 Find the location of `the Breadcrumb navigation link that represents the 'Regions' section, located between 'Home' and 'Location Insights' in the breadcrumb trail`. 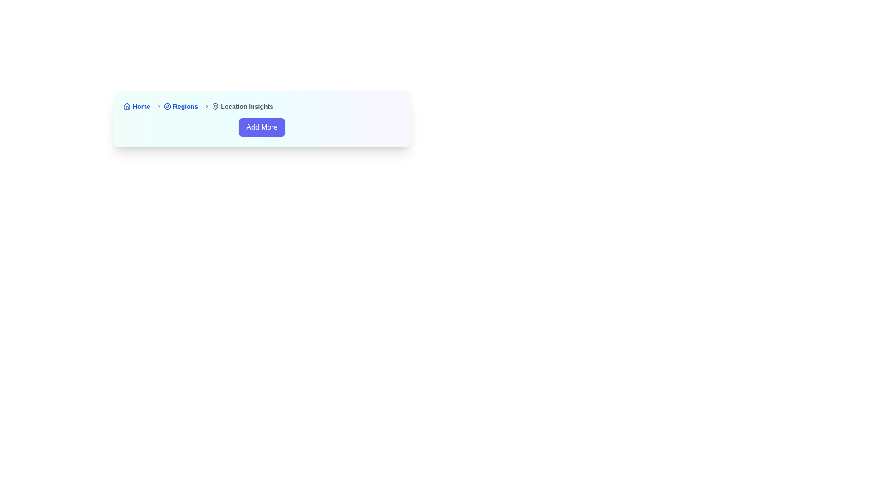

the Breadcrumb navigation link that represents the 'Regions' section, located between 'Home' and 'Location Insights' in the breadcrumb trail is located at coordinates (176, 106).